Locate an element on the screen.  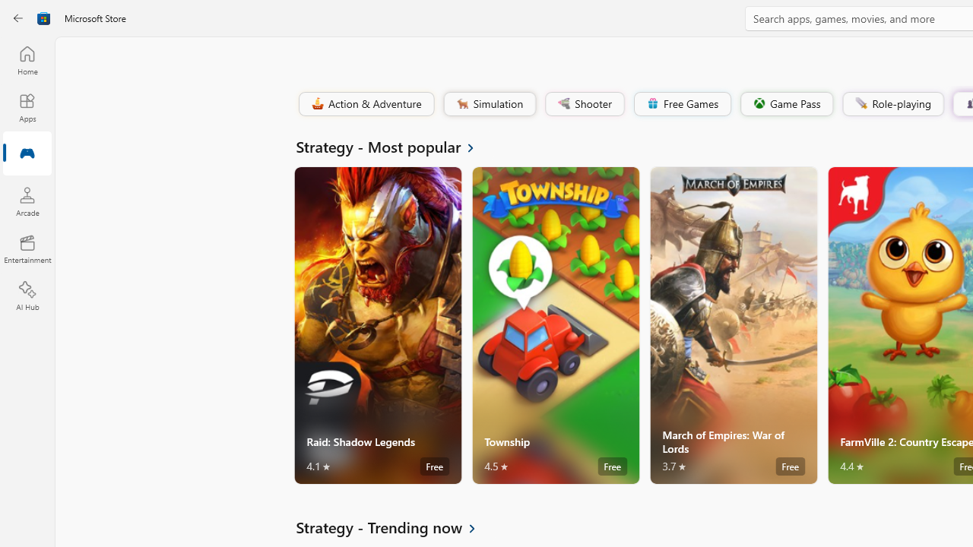
'Back' is located at coordinates (18, 18).